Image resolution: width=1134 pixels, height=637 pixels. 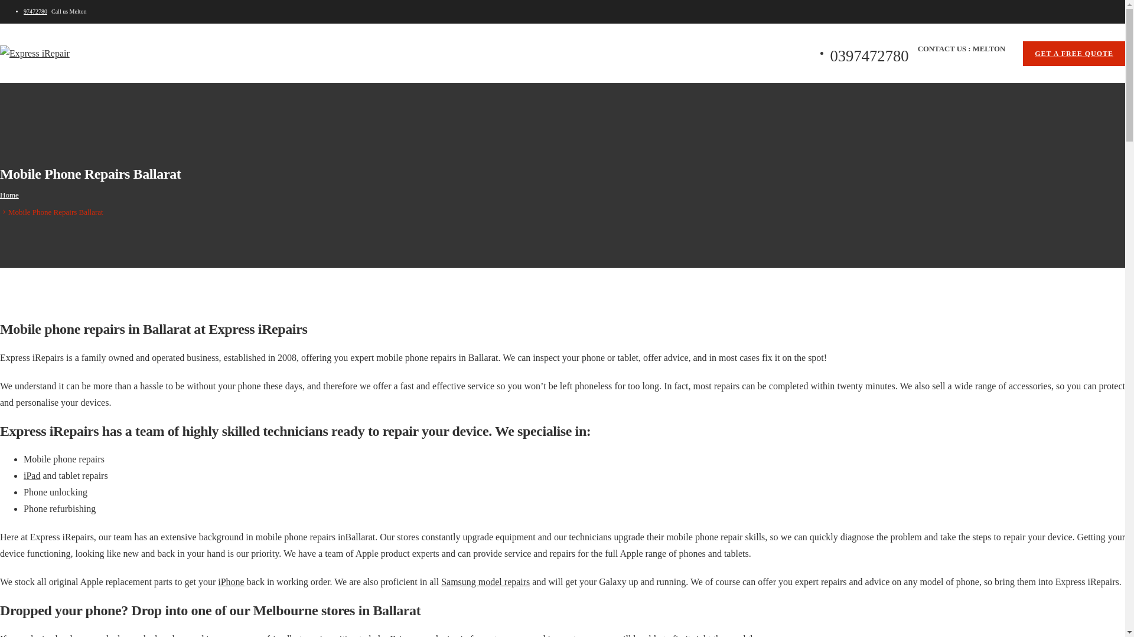 I want to click on 'Home', so click(x=9, y=194).